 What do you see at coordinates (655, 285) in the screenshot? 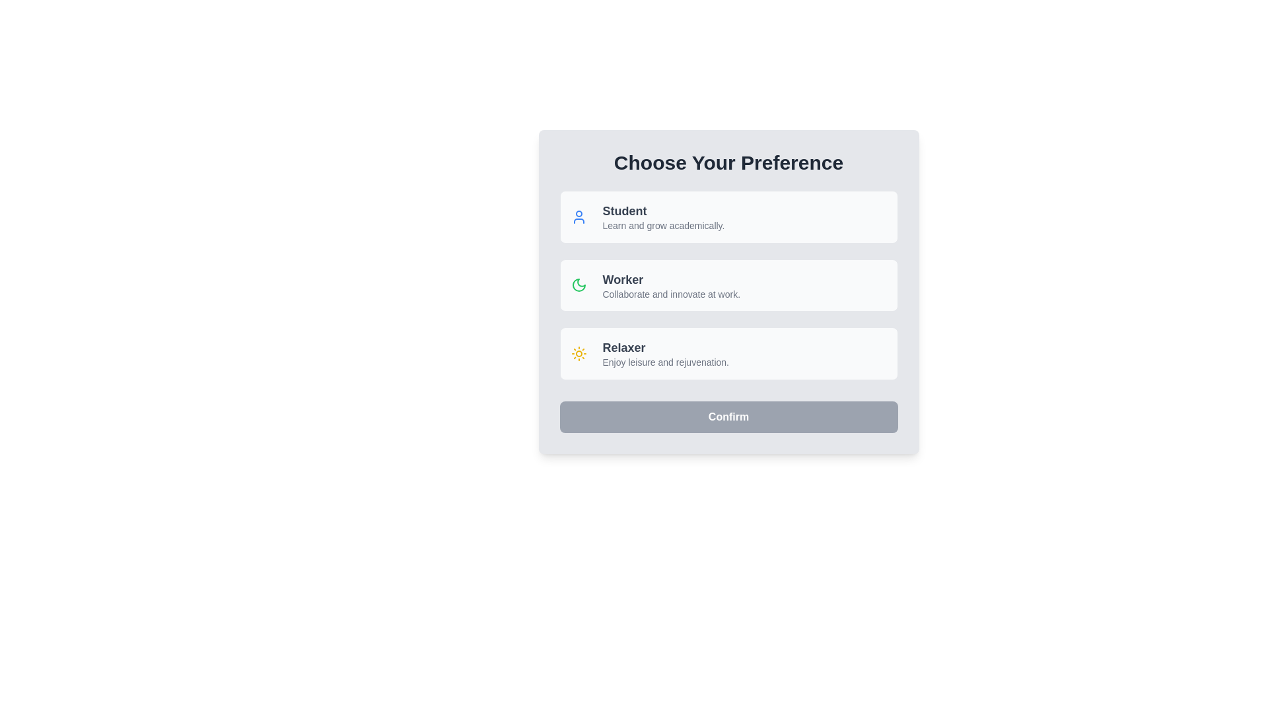
I see `the 'Worker' category label with its icon and description text in the user preference selection interface` at bounding box center [655, 285].